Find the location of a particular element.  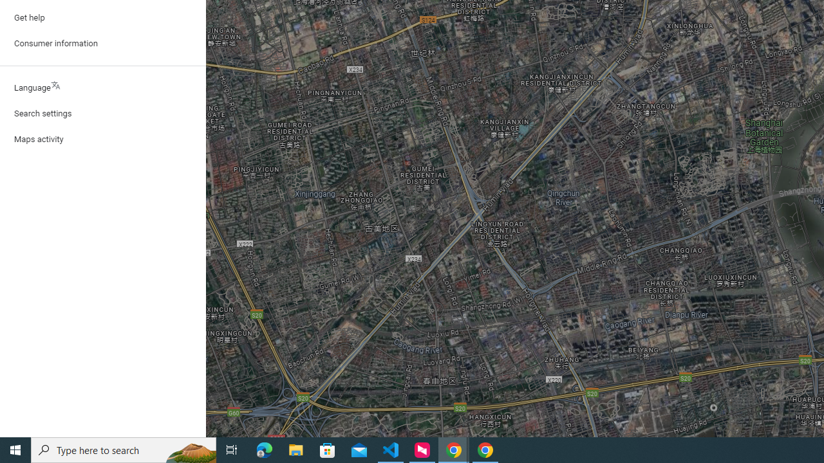

'Maps activity' is located at coordinates (103, 140).